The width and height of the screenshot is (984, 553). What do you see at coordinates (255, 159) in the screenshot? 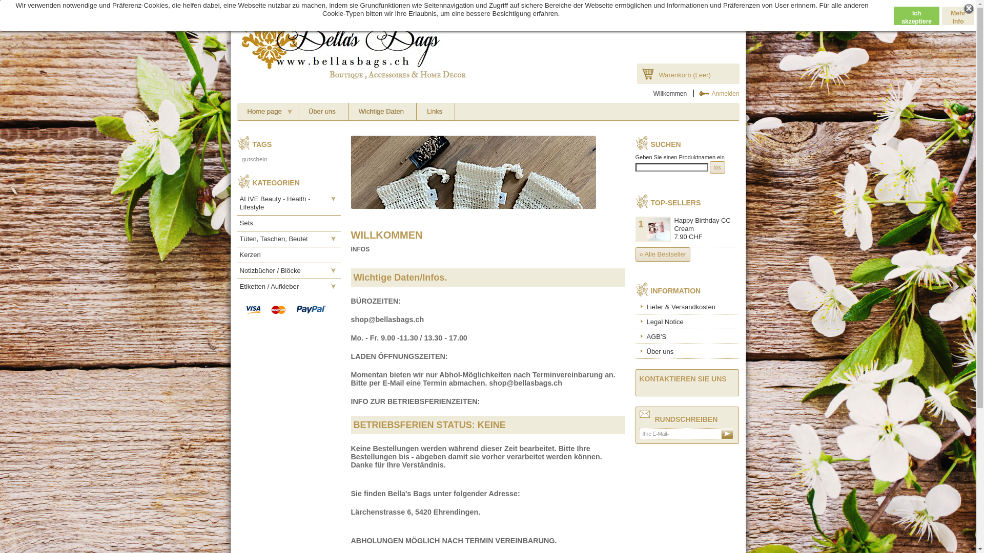
I see `'gutschein'` at bounding box center [255, 159].